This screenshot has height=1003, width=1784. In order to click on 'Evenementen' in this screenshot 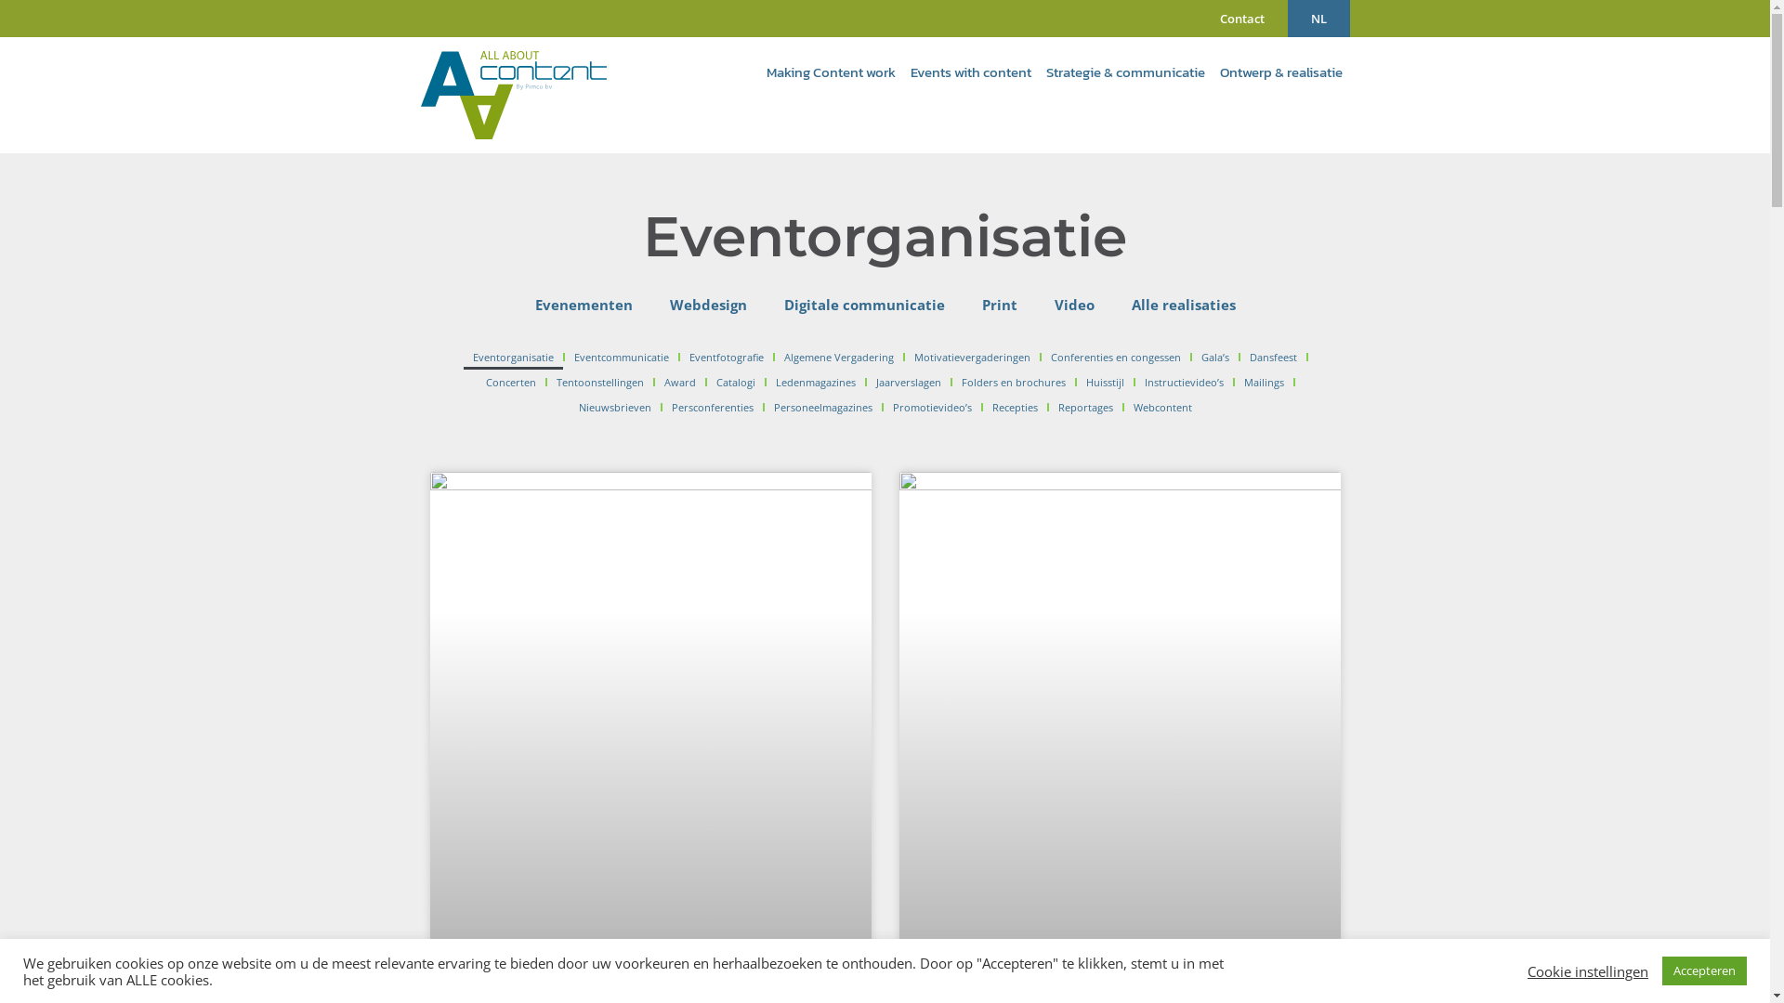, I will do `click(517, 303)`.